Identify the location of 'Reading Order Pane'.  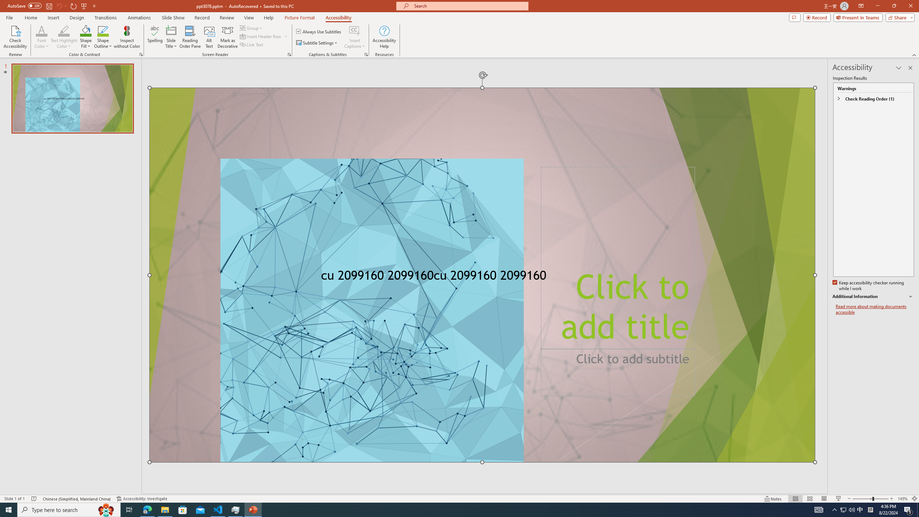
(190, 37).